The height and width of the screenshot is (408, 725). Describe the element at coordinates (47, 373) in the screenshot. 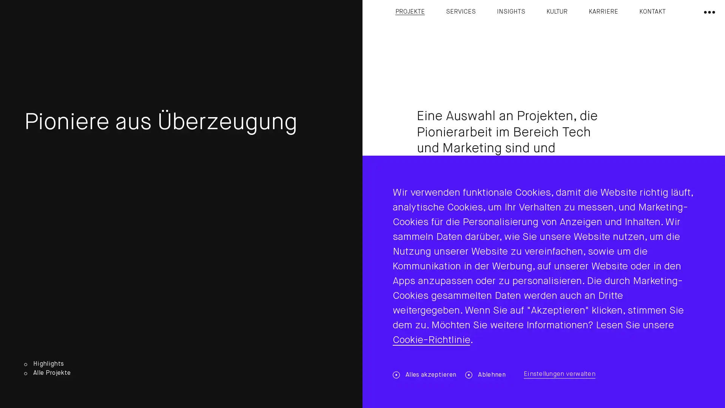

I see `Alle Projekte` at that location.